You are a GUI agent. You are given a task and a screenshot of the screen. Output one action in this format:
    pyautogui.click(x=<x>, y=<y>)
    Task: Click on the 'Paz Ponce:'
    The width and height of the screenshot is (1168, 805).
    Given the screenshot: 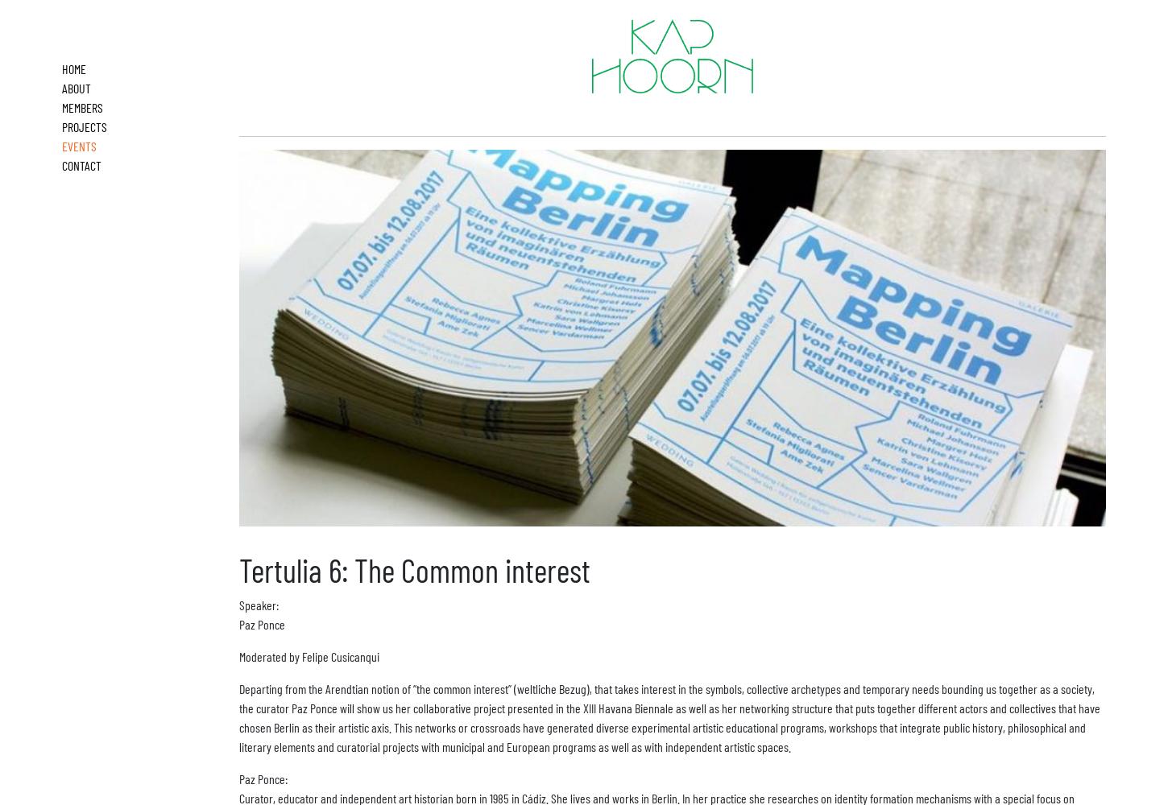 What is the action you would take?
    pyautogui.click(x=263, y=777)
    